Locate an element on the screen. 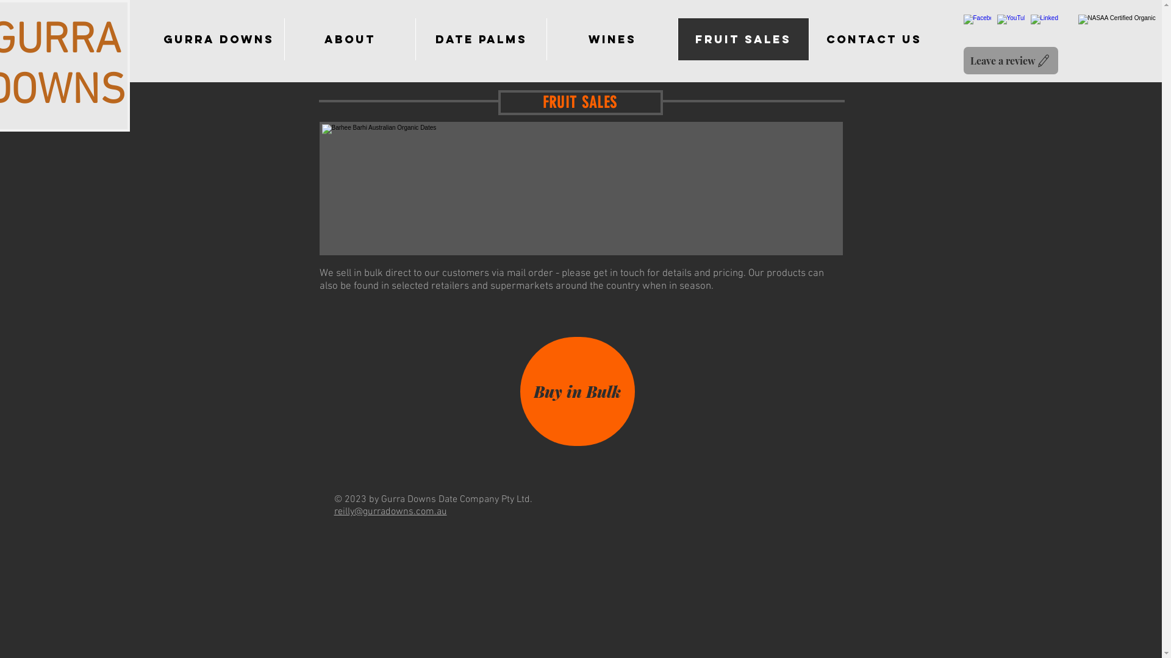 This screenshot has width=1171, height=658. 'Buy in Bulk' is located at coordinates (576, 391).